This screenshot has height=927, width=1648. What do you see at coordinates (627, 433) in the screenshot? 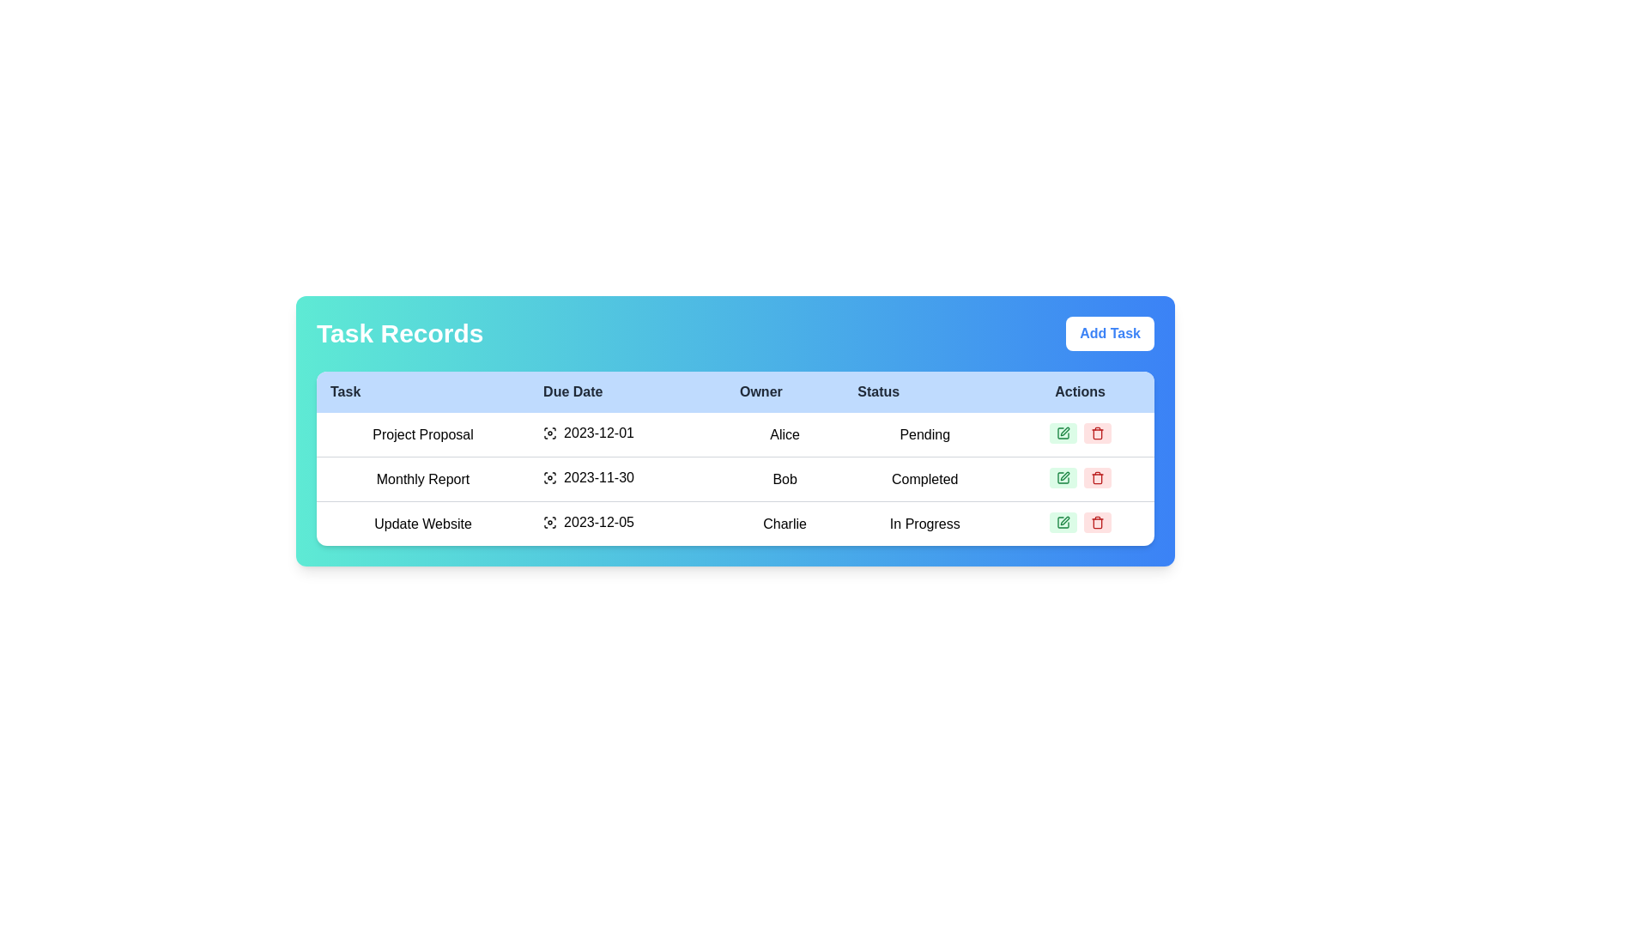
I see `the static text label displaying the date '2023-12-01' located in the 'Due Date' column of the first row in the 'Task Records' section, positioned between 'Project Proposal' and 'Alice'` at bounding box center [627, 433].